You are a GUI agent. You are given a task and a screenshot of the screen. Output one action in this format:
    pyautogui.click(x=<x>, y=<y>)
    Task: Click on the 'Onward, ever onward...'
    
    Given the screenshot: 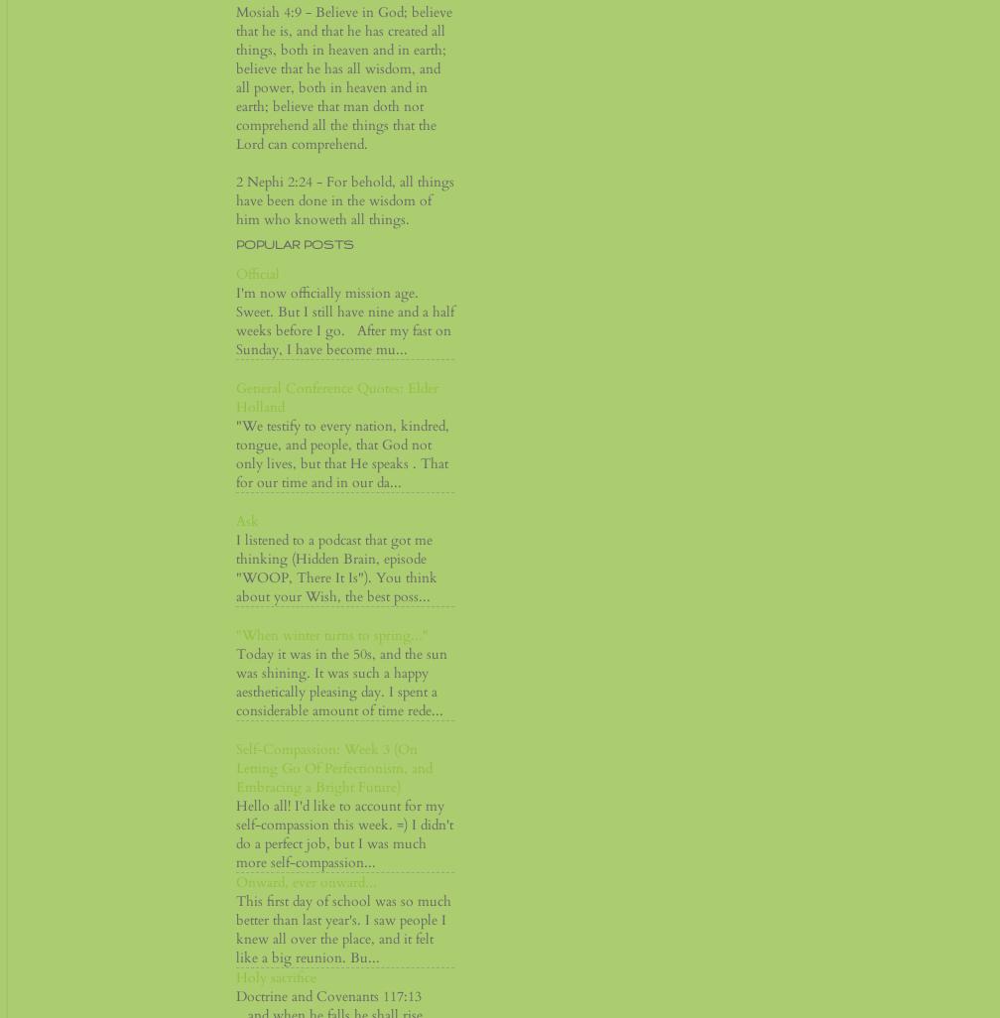 What is the action you would take?
    pyautogui.click(x=306, y=881)
    